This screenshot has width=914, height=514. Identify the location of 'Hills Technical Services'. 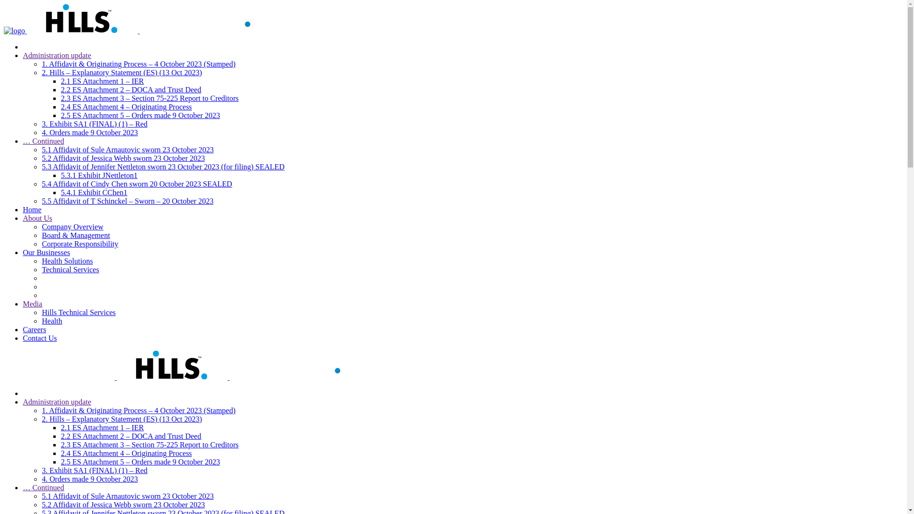
(79, 312).